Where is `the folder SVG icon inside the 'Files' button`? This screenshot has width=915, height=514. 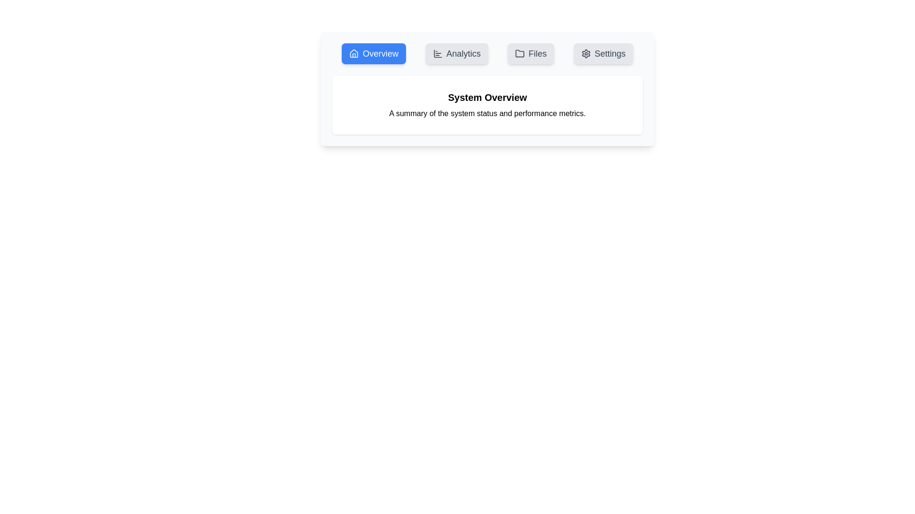
the folder SVG icon inside the 'Files' button is located at coordinates (519, 53).